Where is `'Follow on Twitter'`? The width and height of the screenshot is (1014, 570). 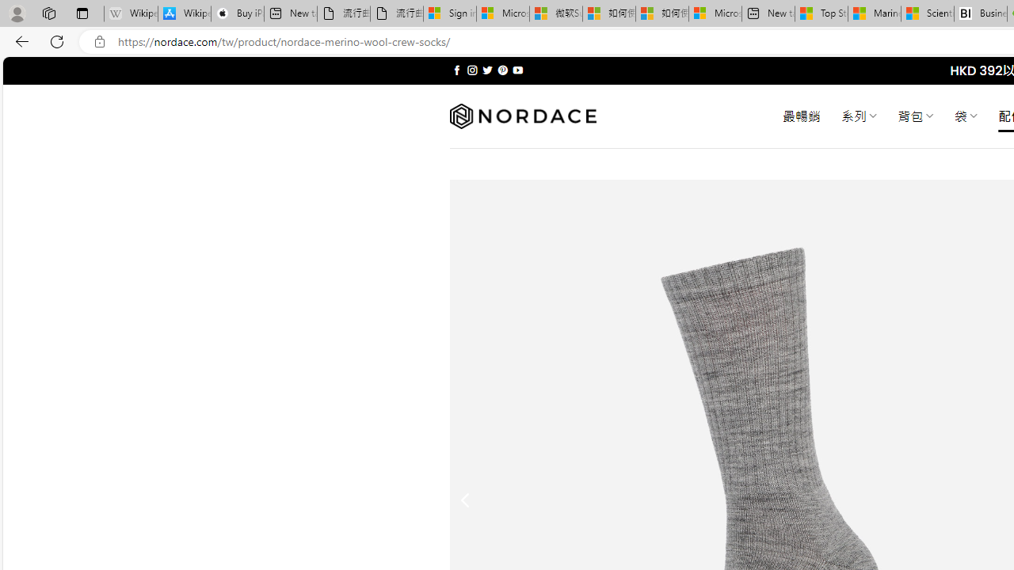 'Follow on Twitter' is located at coordinates (486, 70).